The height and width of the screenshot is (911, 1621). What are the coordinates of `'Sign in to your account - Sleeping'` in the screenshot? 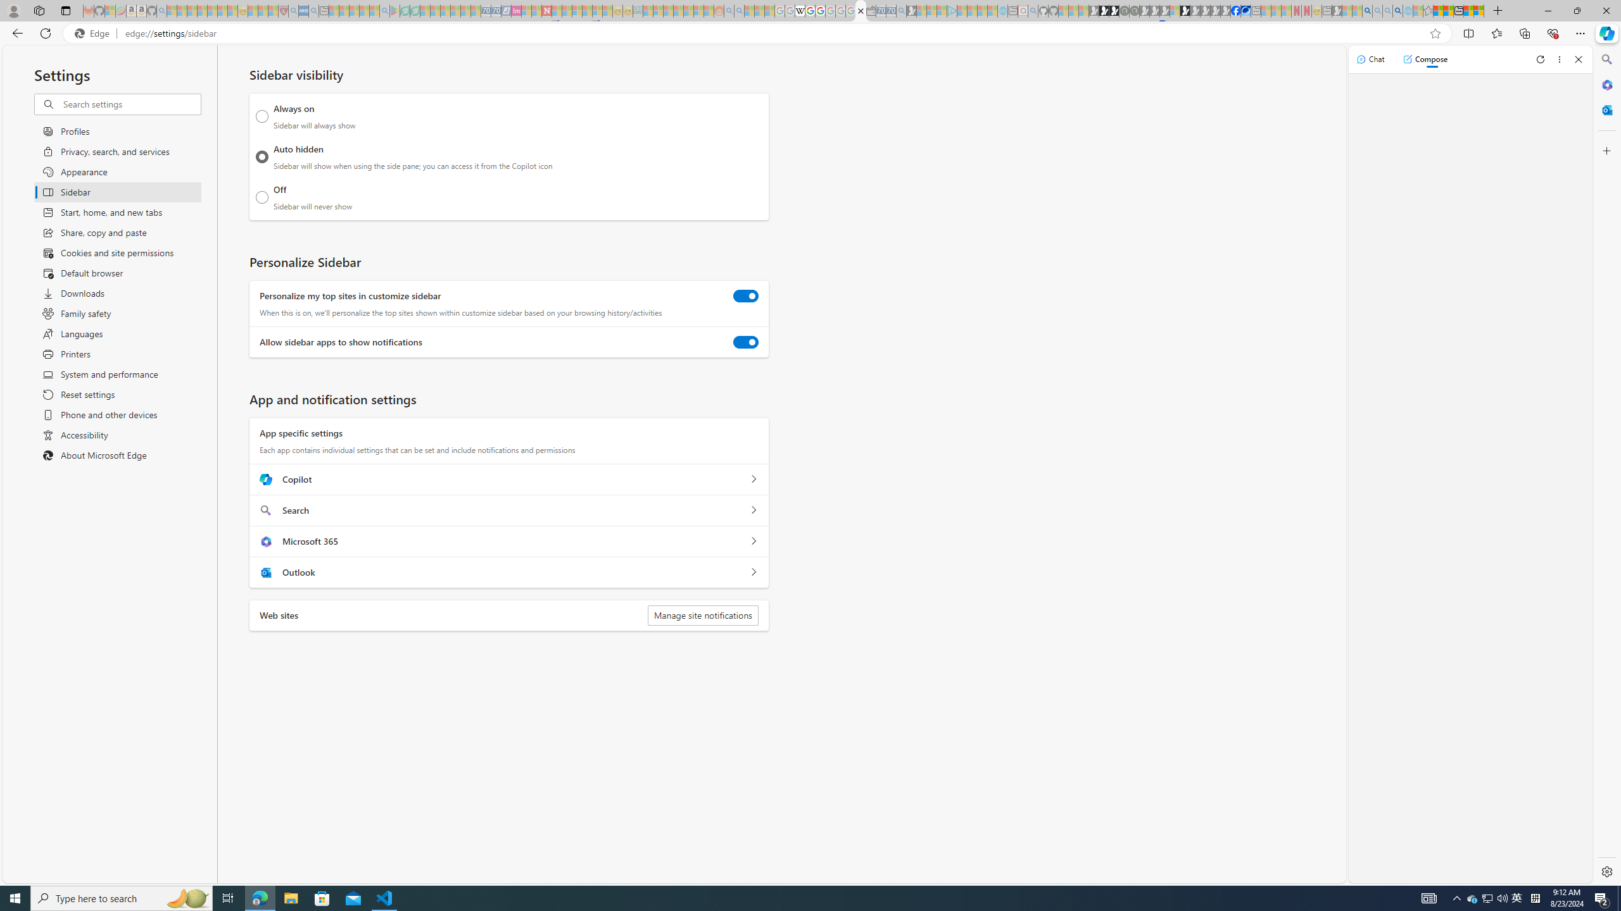 It's located at (1174, 10).